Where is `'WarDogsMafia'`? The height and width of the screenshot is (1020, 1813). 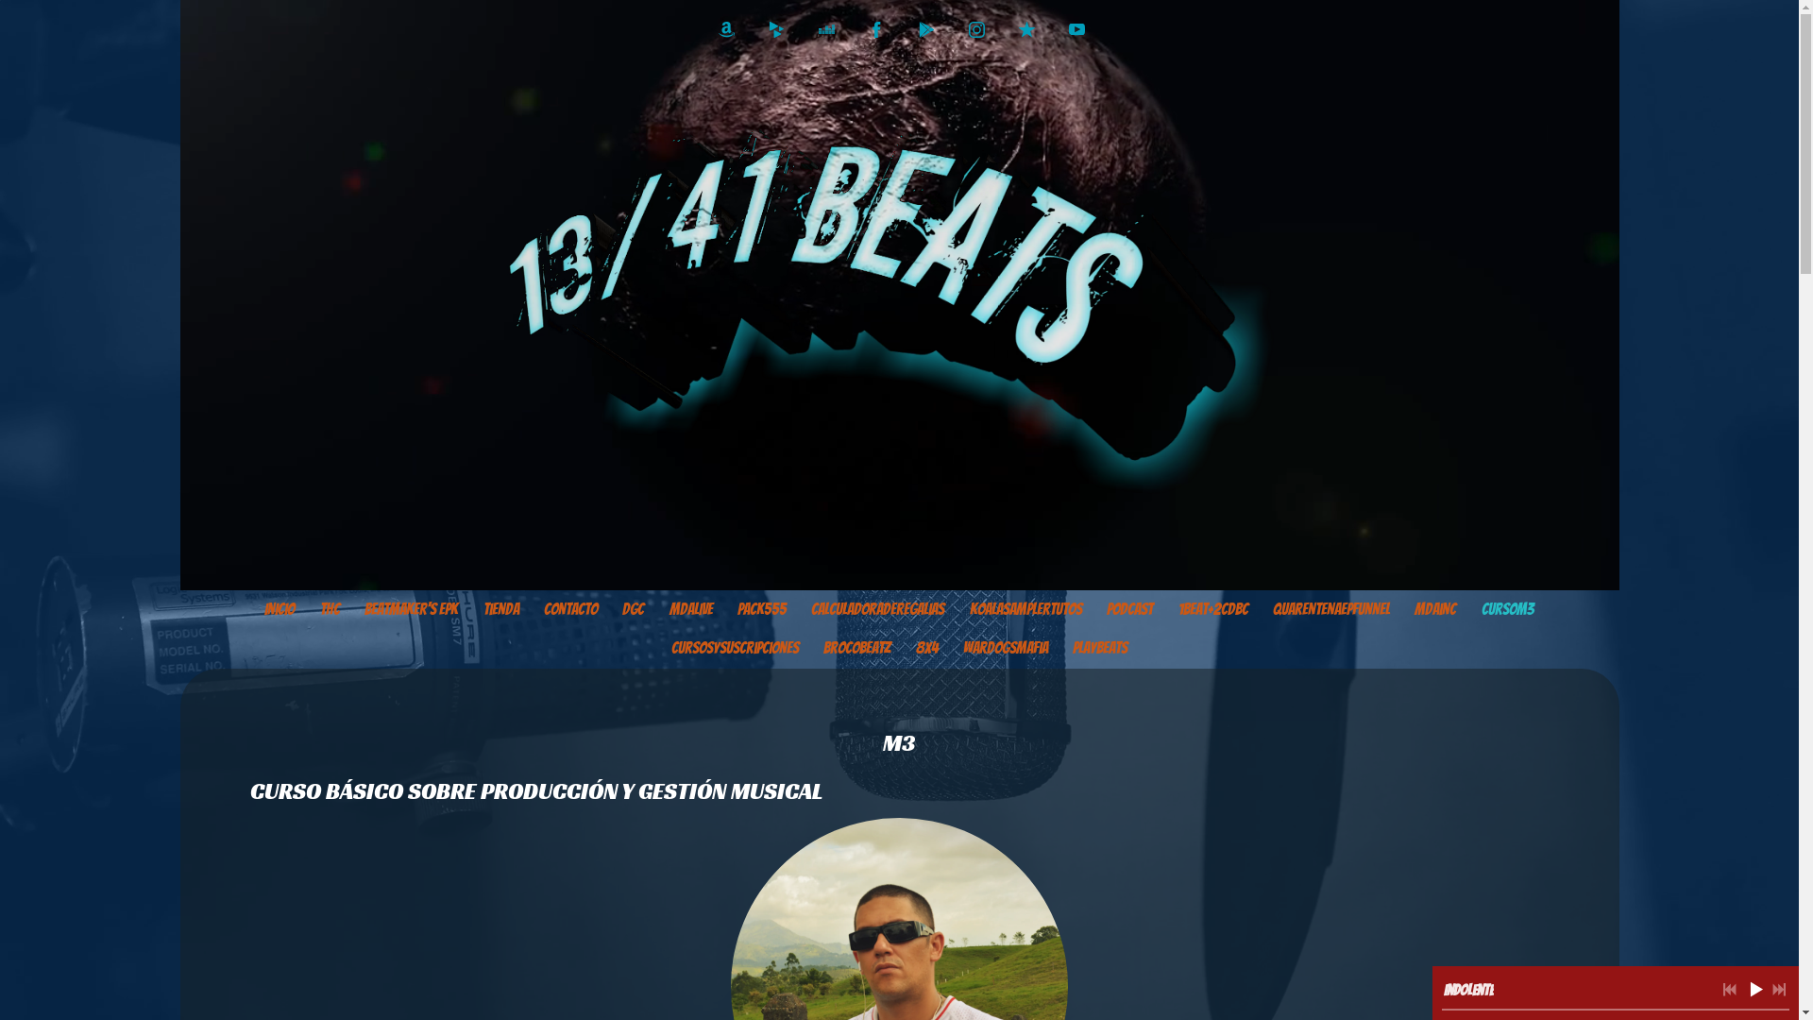
'WarDogsMafia' is located at coordinates (951, 647).